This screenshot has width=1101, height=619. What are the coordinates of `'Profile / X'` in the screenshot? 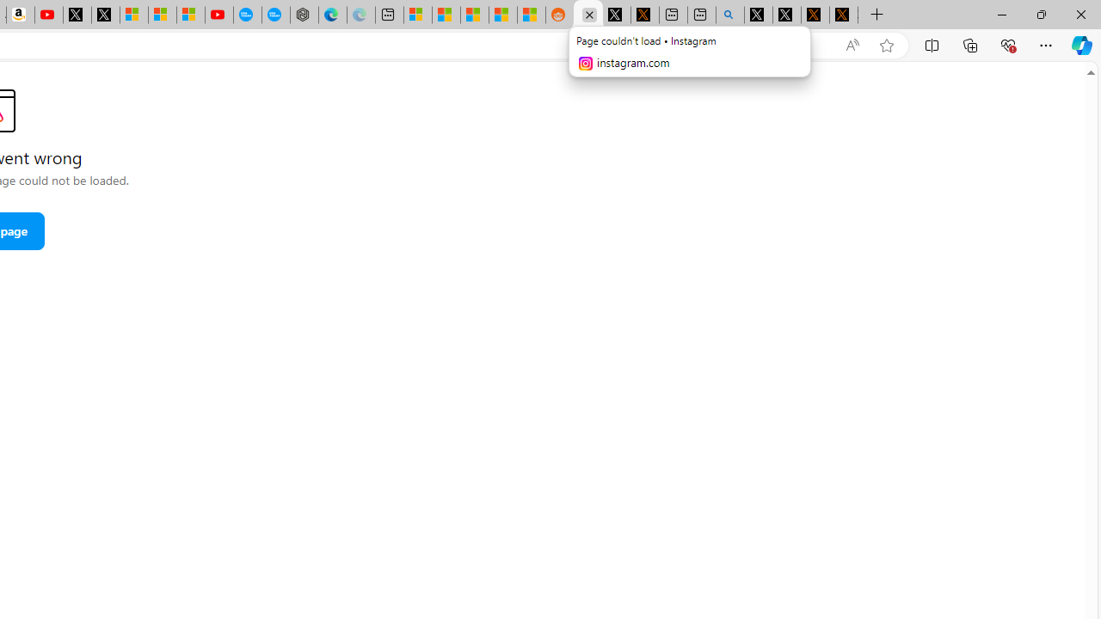 It's located at (758, 15).